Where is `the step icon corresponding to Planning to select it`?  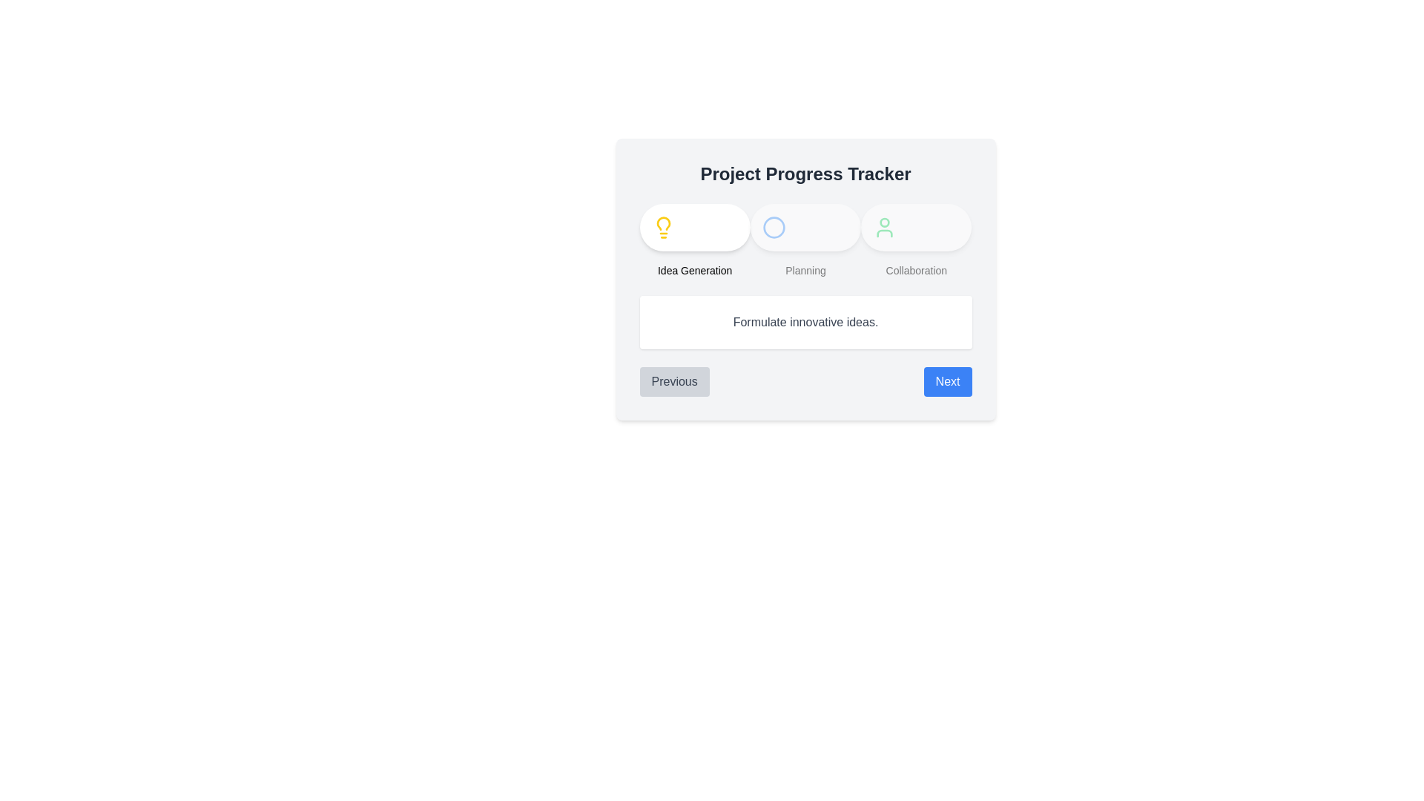
the step icon corresponding to Planning to select it is located at coordinates (773, 228).